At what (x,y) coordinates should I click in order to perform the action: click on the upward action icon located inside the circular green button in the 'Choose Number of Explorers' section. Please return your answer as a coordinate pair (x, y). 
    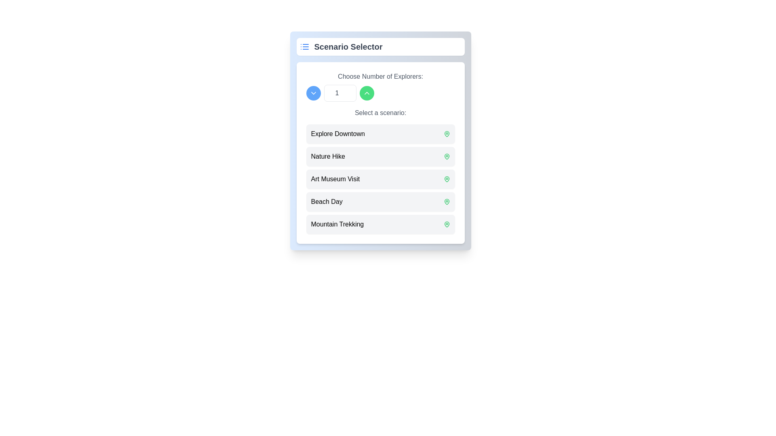
    Looking at the image, I should click on (366, 93).